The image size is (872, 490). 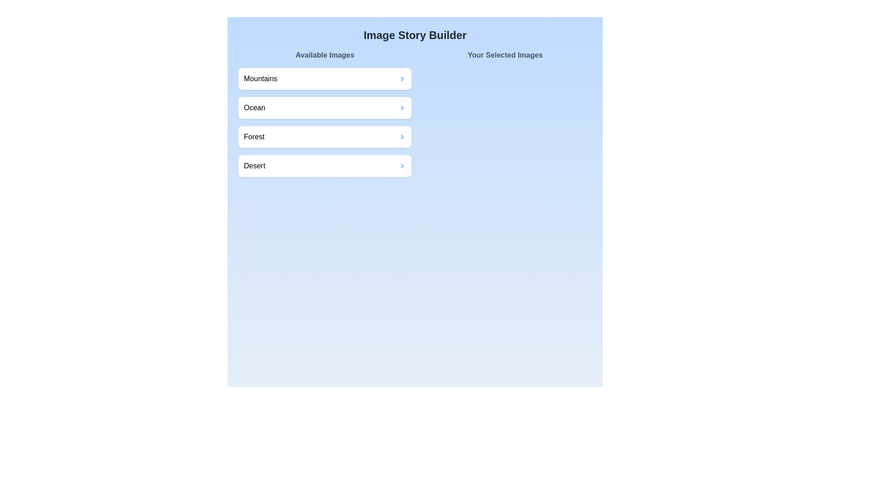 What do you see at coordinates (402, 78) in the screenshot?
I see `transfer button for the image labeled Mountains in the 'Available Images' section` at bounding box center [402, 78].